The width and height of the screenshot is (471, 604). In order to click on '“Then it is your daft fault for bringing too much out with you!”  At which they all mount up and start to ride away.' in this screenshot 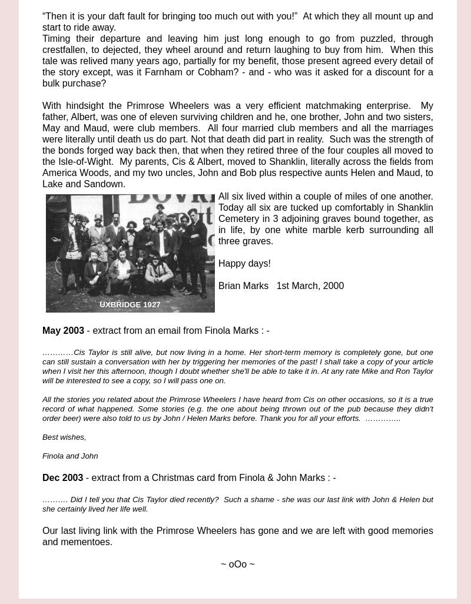, I will do `click(238, 22)`.